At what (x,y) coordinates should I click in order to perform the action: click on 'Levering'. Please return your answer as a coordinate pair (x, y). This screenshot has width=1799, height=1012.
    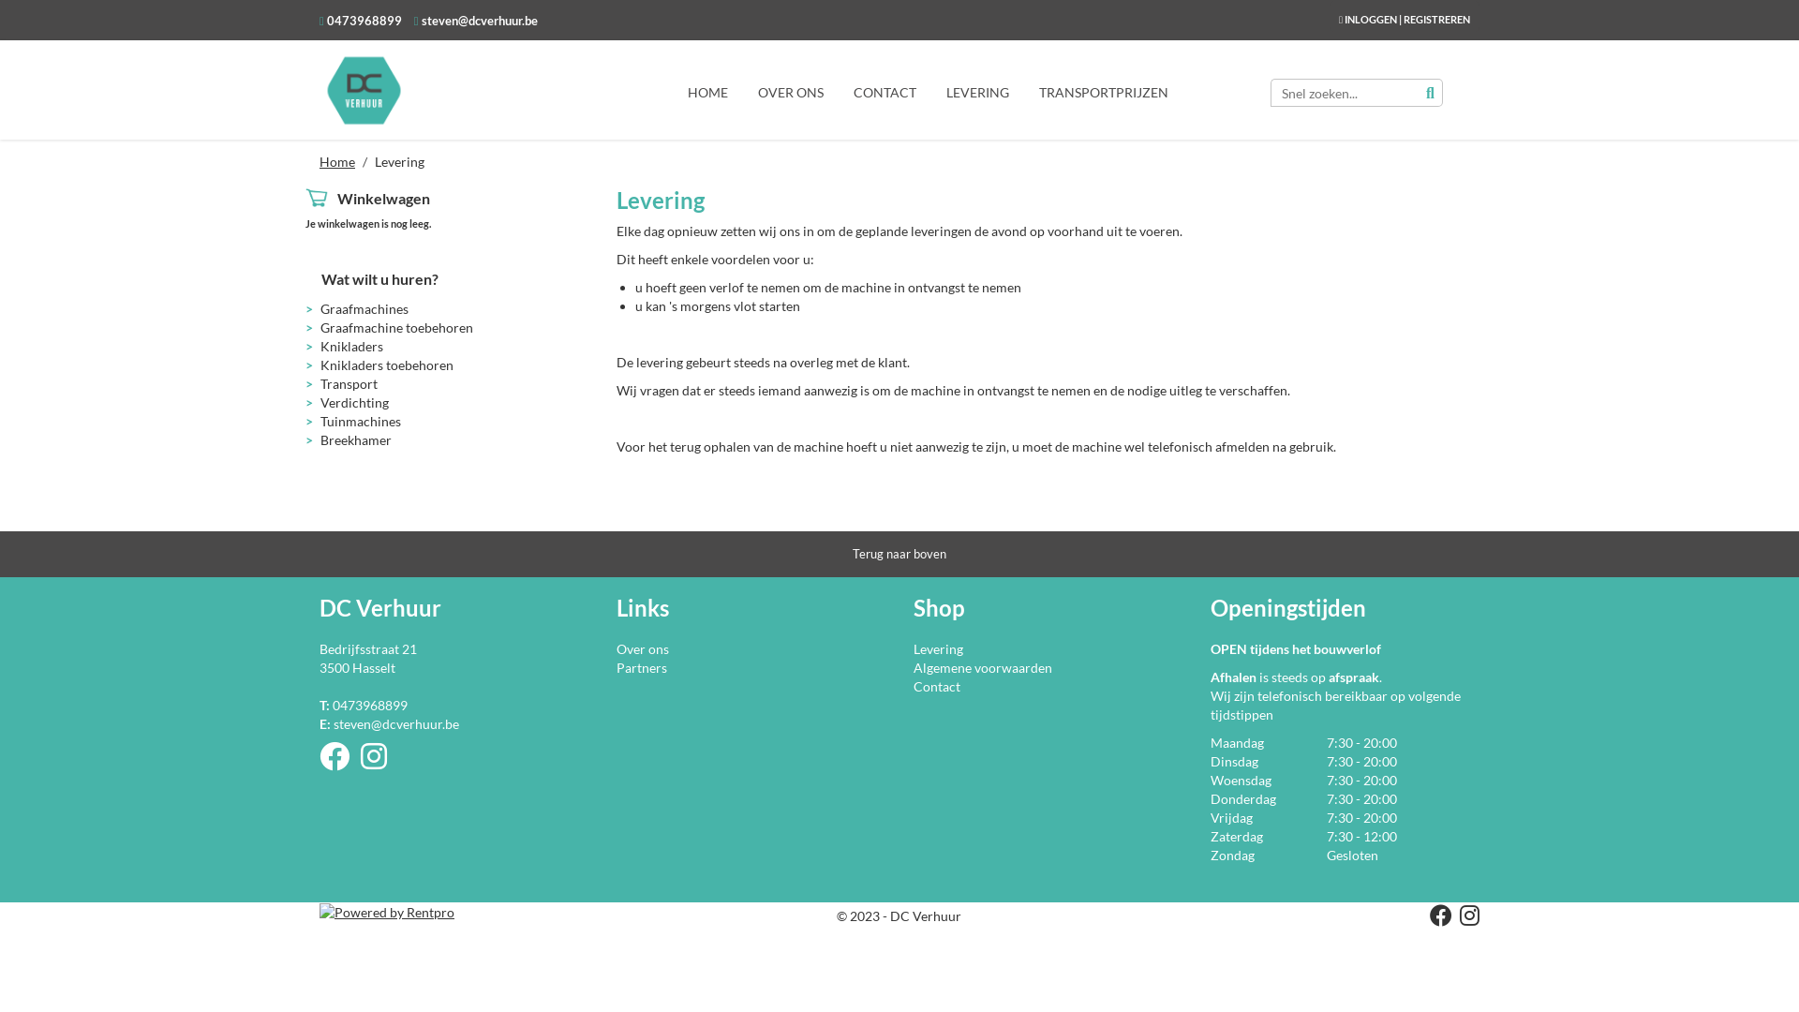
    Looking at the image, I should click on (938, 647).